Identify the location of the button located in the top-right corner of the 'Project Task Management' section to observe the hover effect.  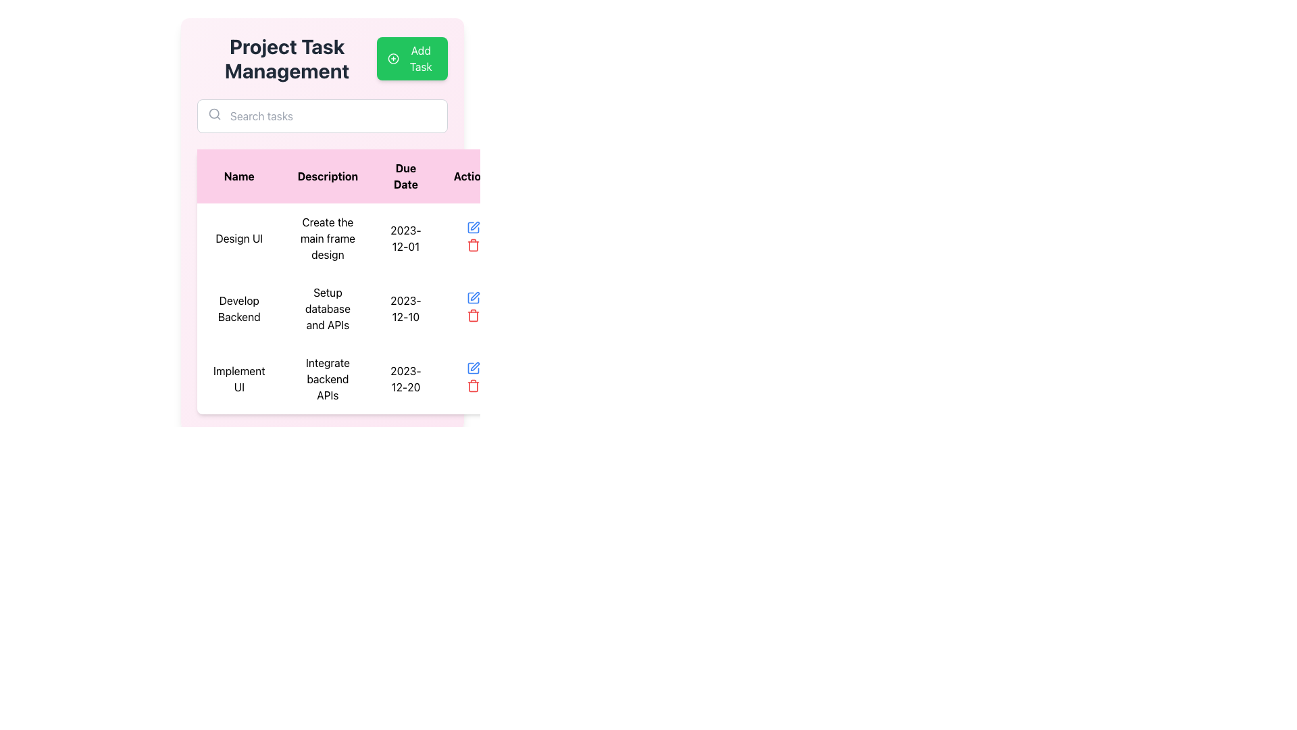
(411, 58).